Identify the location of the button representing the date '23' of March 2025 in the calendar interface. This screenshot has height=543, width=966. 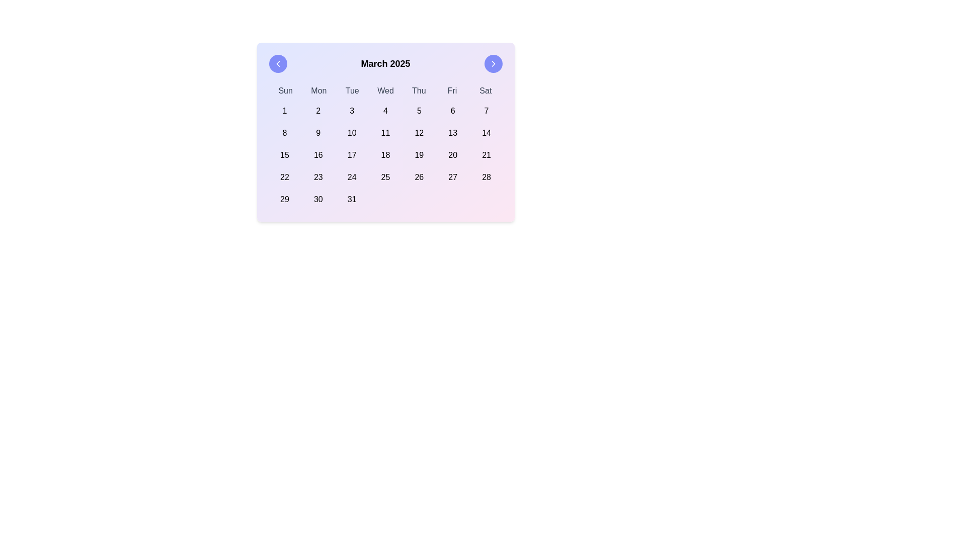
(317, 177).